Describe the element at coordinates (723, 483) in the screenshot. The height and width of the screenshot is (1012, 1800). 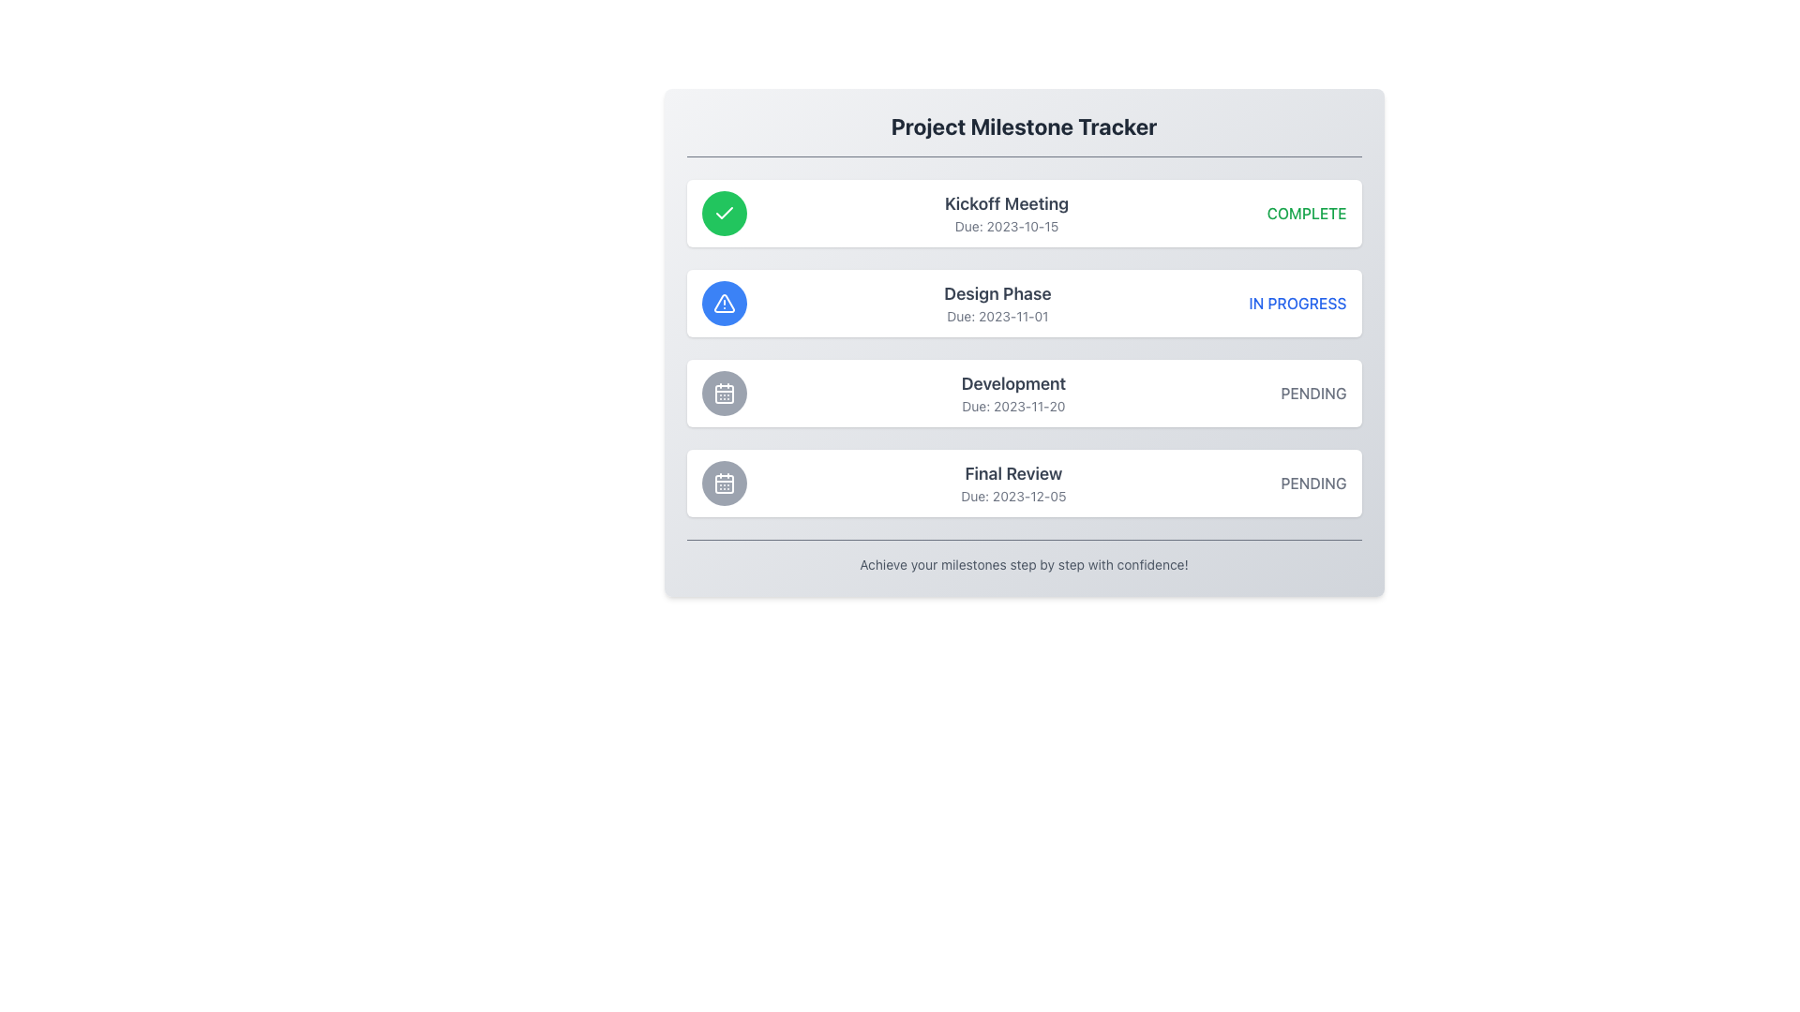
I see `the circular gray icon with a white calendar symbol located in the 'Final Review' row of the Project Milestone Tracker interface, positioned to the left of the text 'Final Review Due: 2023-12-05 PENDING'` at that location.